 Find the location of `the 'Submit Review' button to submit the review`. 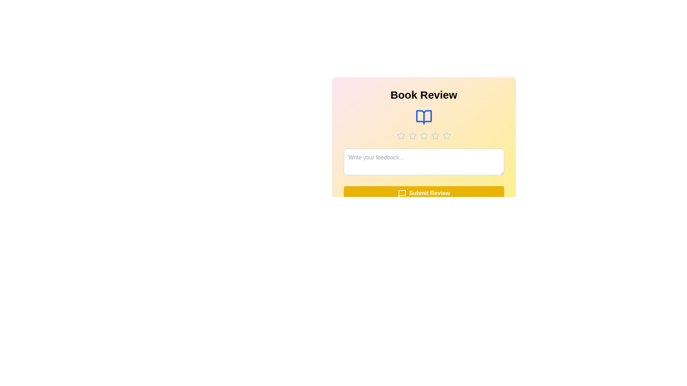

the 'Submit Review' button to submit the review is located at coordinates (424, 193).